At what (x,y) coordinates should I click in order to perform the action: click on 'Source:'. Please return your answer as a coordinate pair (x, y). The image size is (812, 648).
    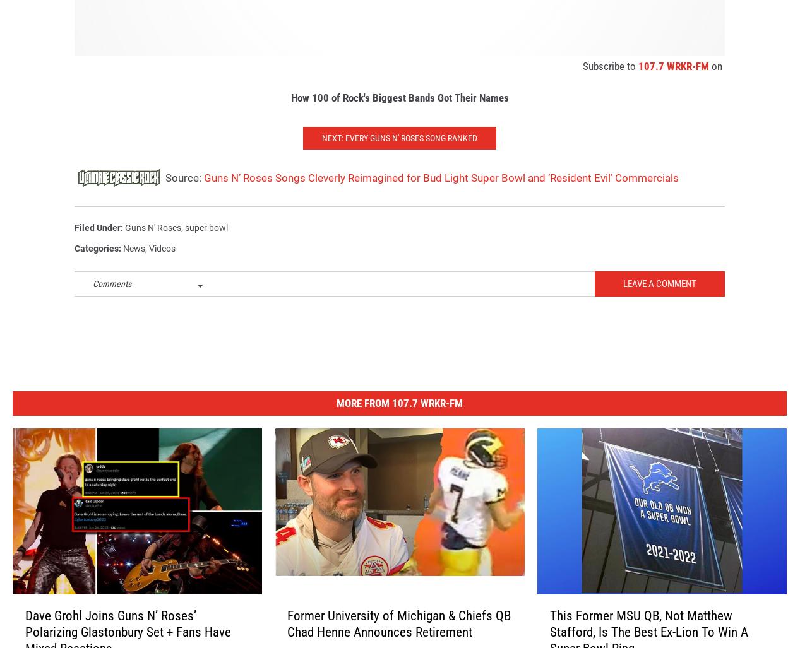
    Looking at the image, I should click on (183, 191).